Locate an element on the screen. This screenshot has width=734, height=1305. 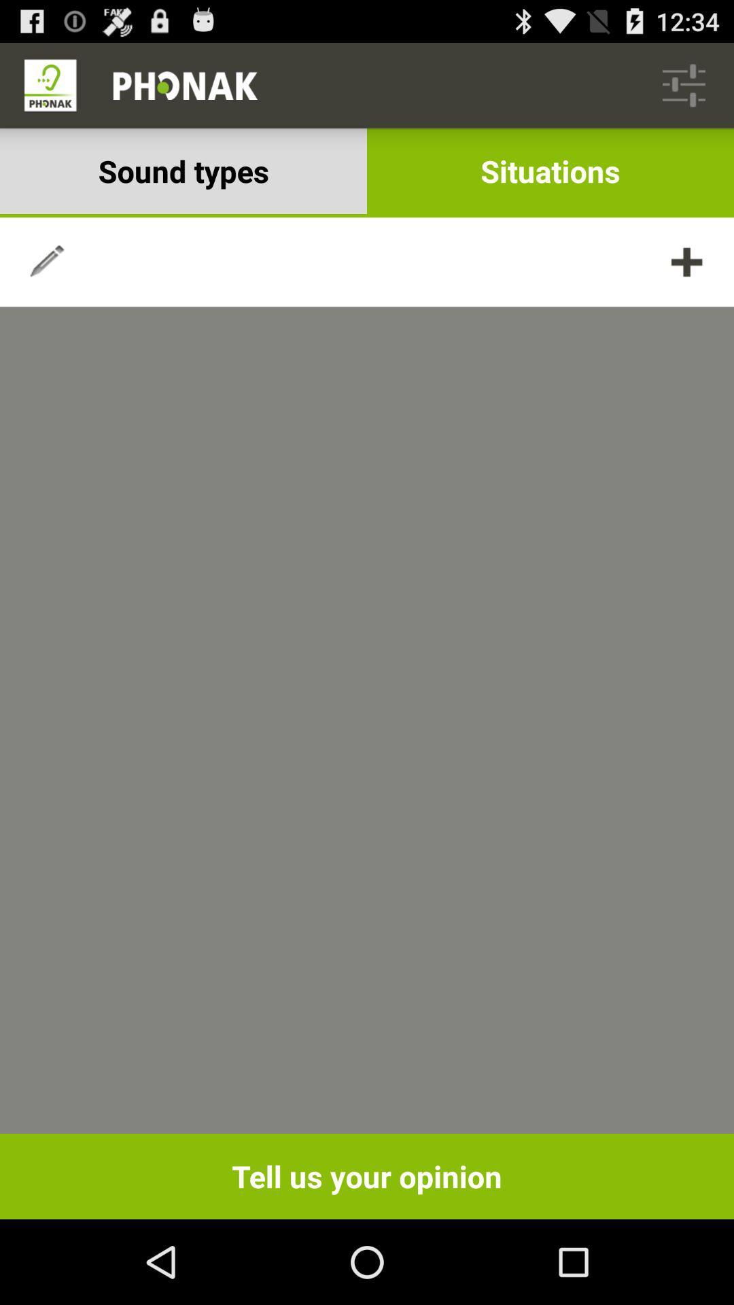
the add icon is located at coordinates (686, 279).